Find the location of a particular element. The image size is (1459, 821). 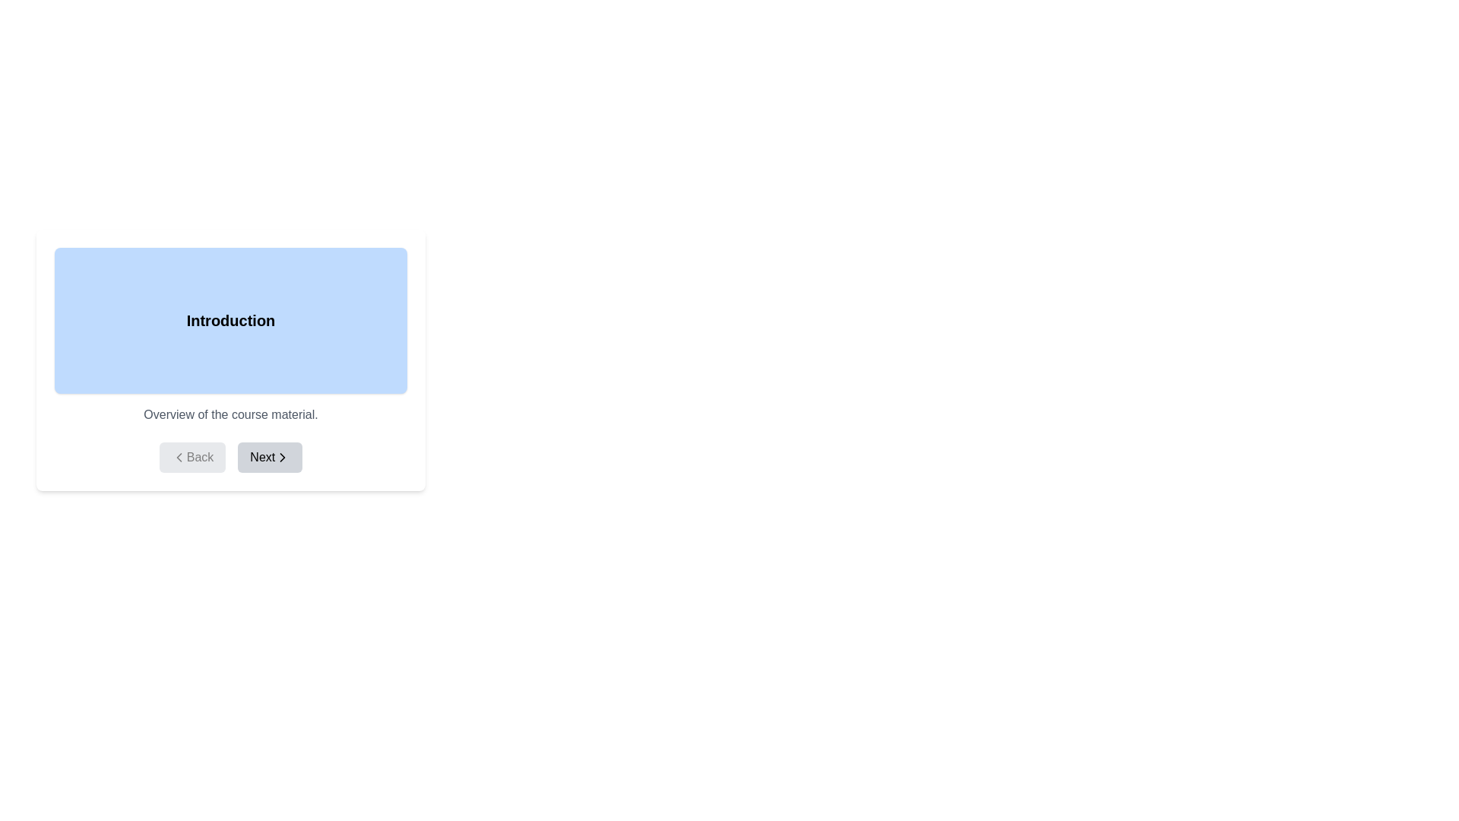

the leftward chevron icon used for navigation located above the 'Back' button in the bottom section of the content area is located at coordinates (179, 456).